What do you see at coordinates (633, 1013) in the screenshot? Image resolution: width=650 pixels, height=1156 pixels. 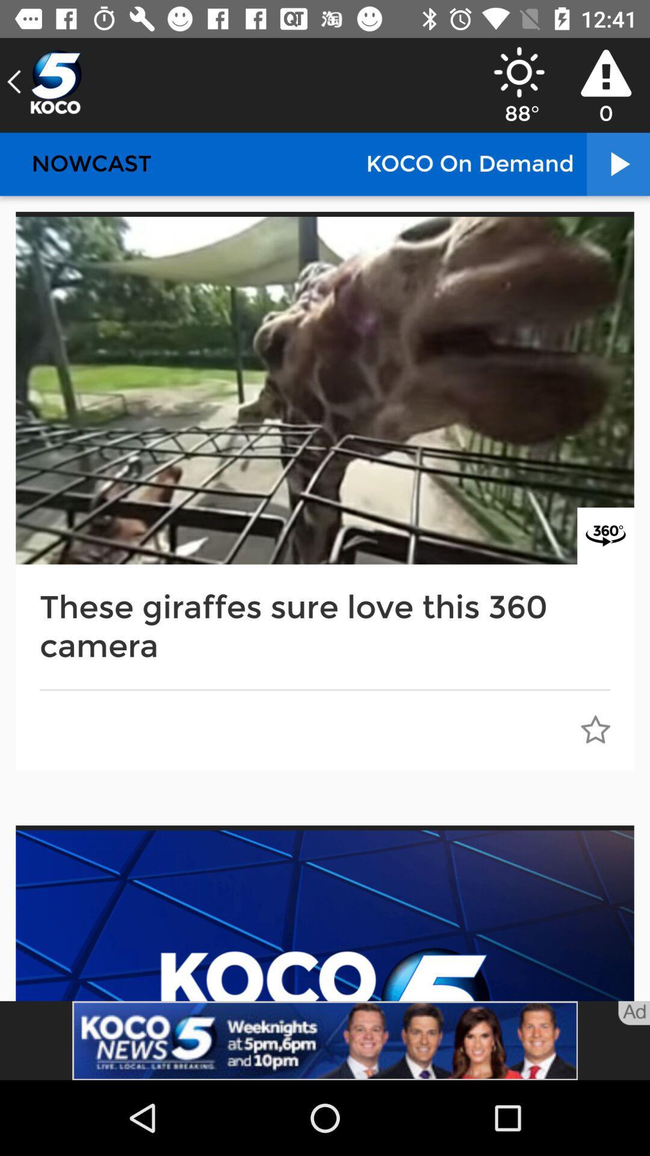 I see `goto ad` at bounding box center [633, 1013].